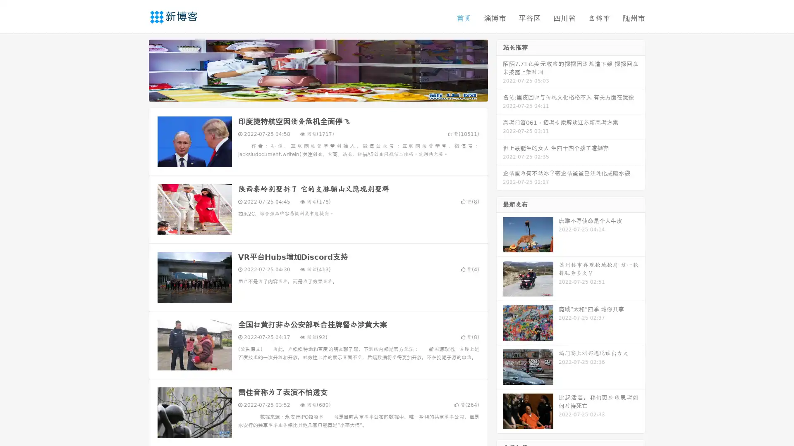 This screenshot has width=794, height=446. I want to click on Go to slide 3, so click(326, 93).